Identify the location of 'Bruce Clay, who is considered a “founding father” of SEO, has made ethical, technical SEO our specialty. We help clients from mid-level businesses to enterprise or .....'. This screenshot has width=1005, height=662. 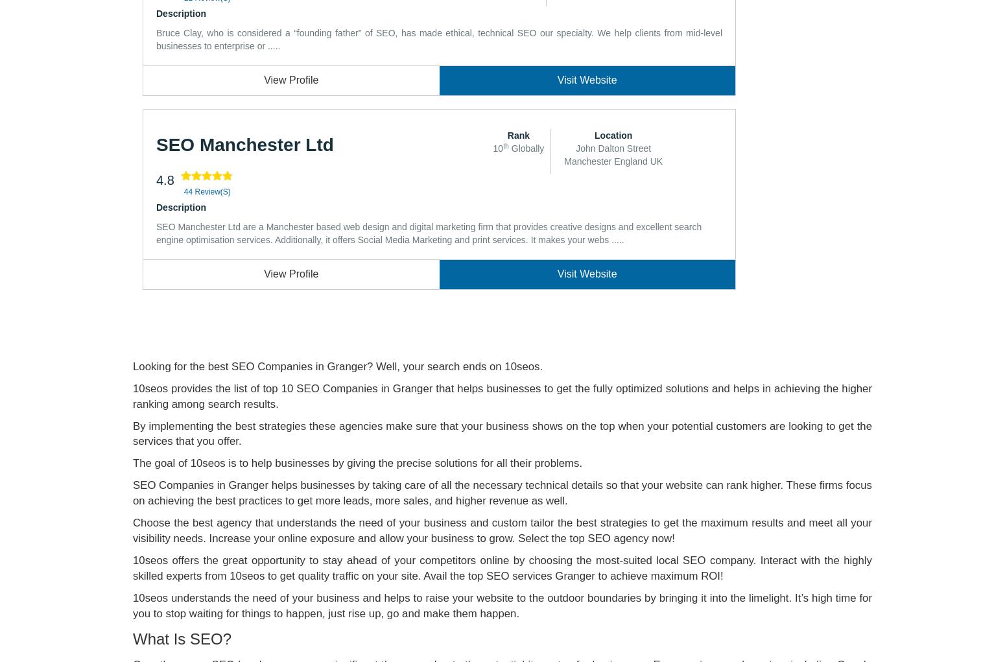
(438, 39).